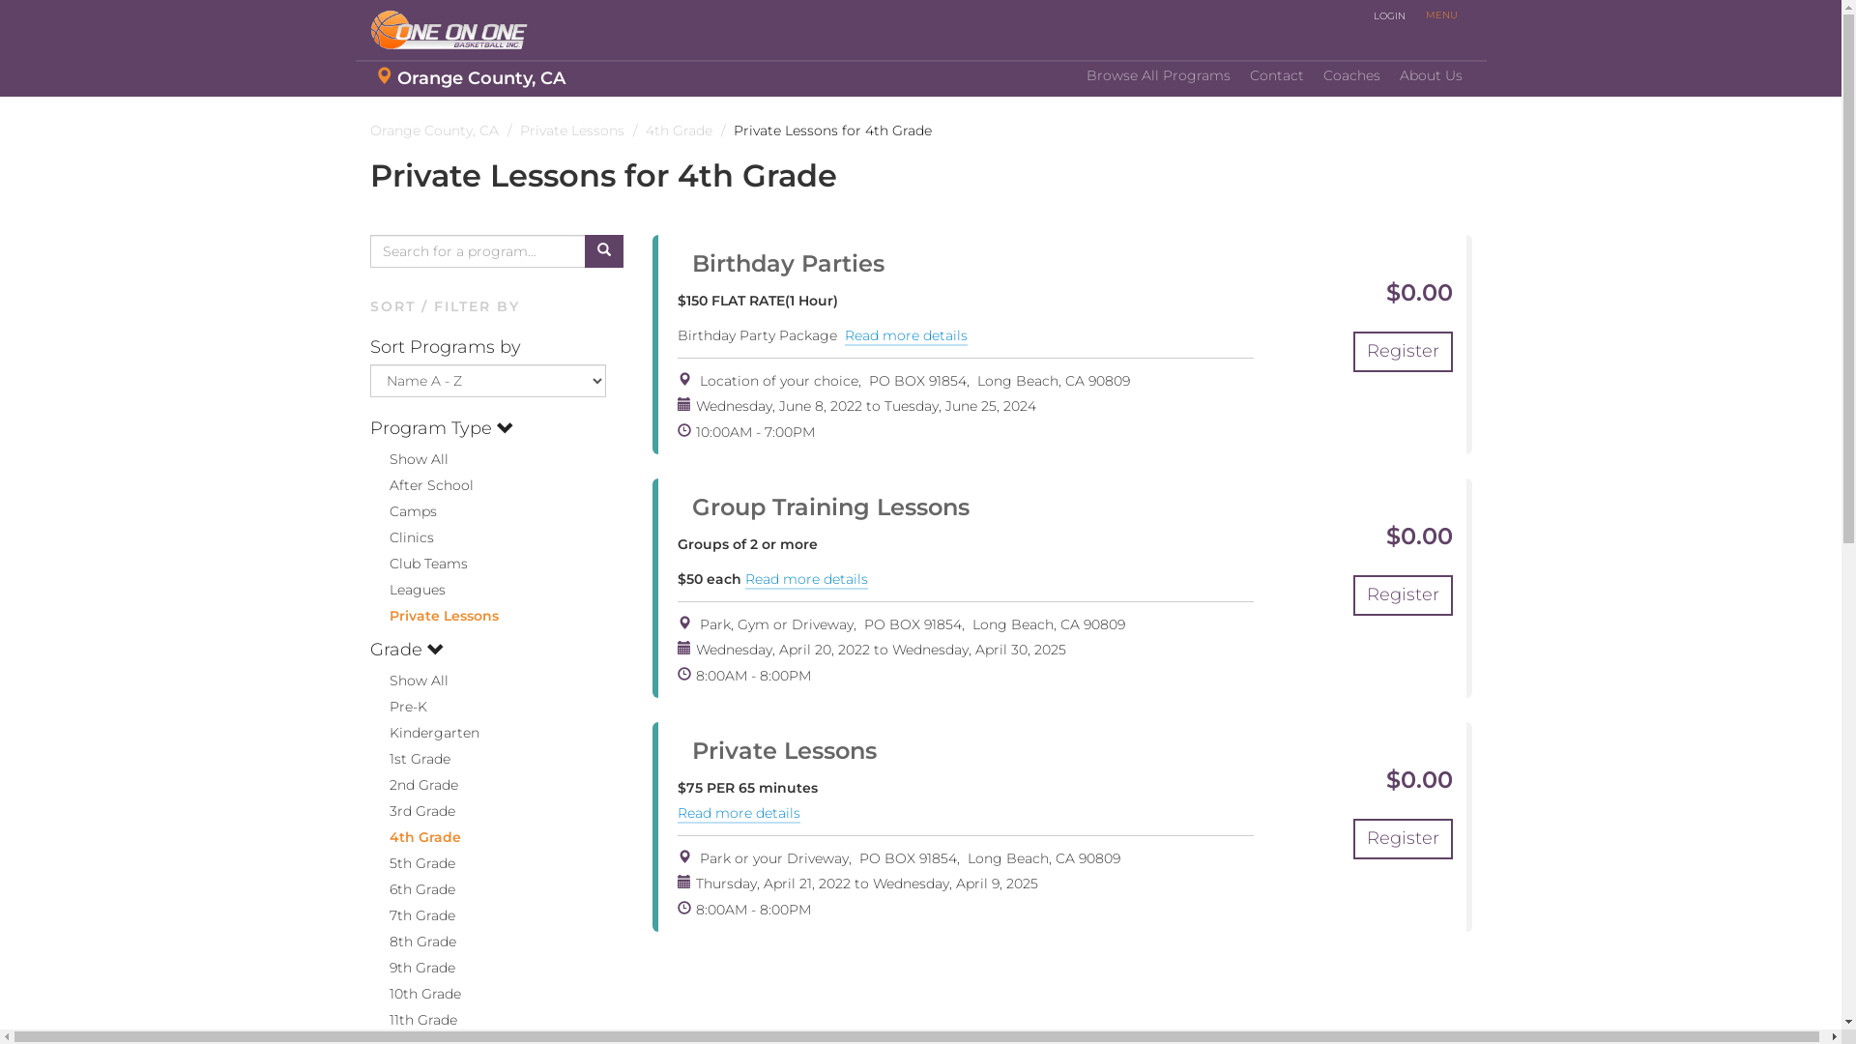 Image resolution: width=1856 pixels, height=1044 pixels. Describe the element at coordinates (1403, 351) in the screenshot. I see `'Register'` at that location.